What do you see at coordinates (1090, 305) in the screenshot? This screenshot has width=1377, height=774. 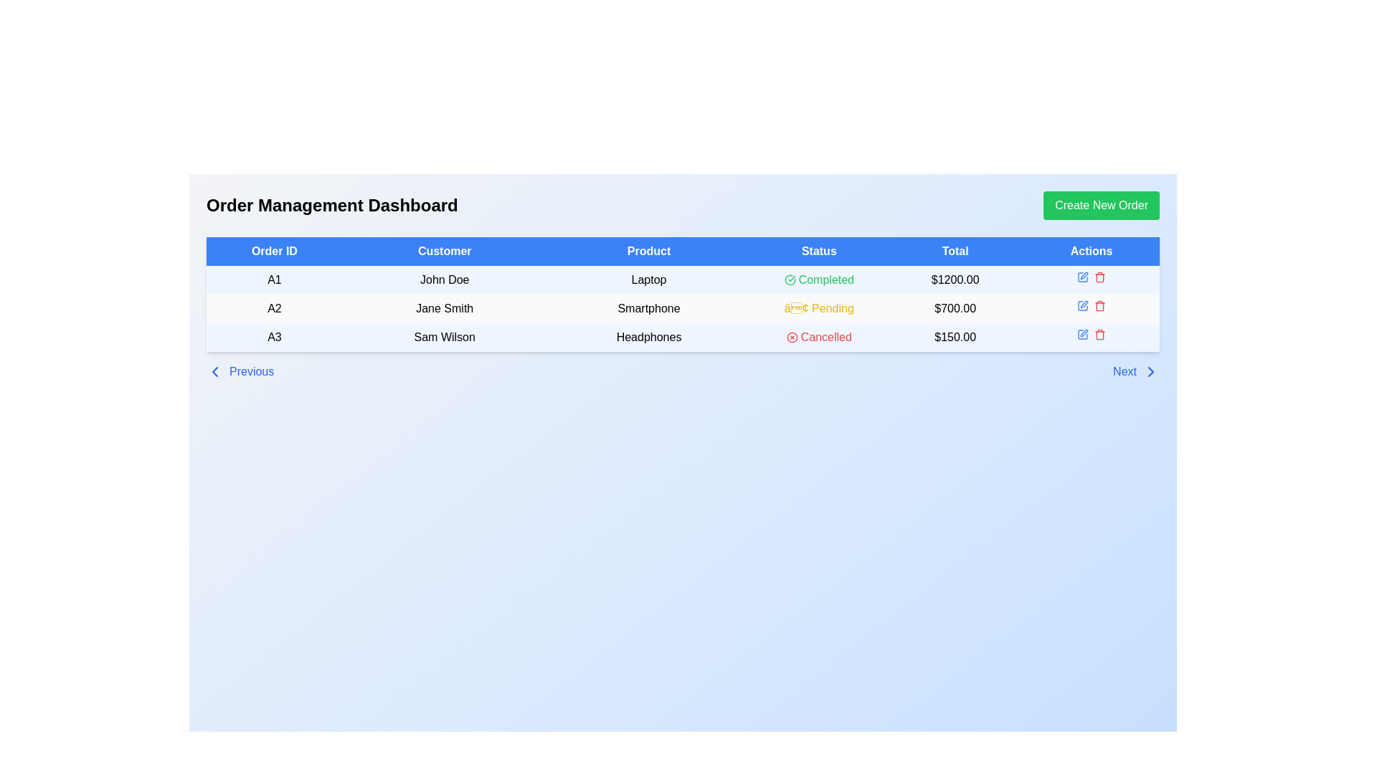 I see `the edit icon in the 'Actions' column for the order by 'Jane Smith' to initiate editing the order` at bounding box center [1090, 305].